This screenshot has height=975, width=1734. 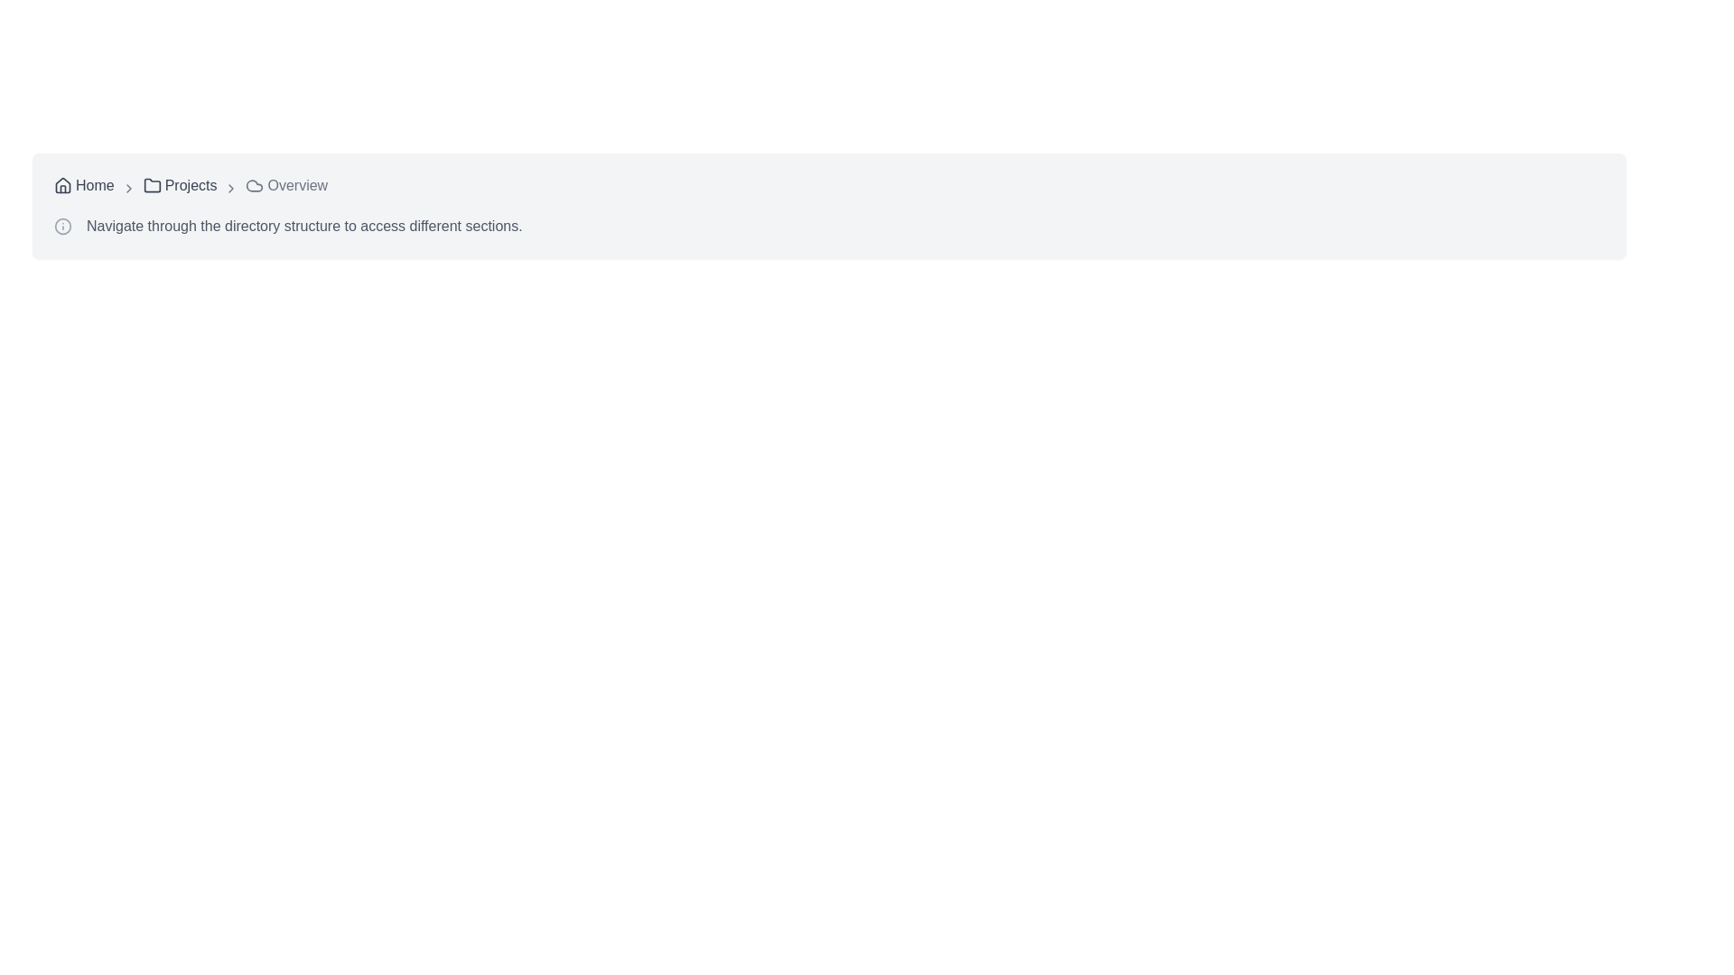 I want to click on the 'Projects' interactive link in the breadcrumb navigation bar, so click(x=180, y=185).